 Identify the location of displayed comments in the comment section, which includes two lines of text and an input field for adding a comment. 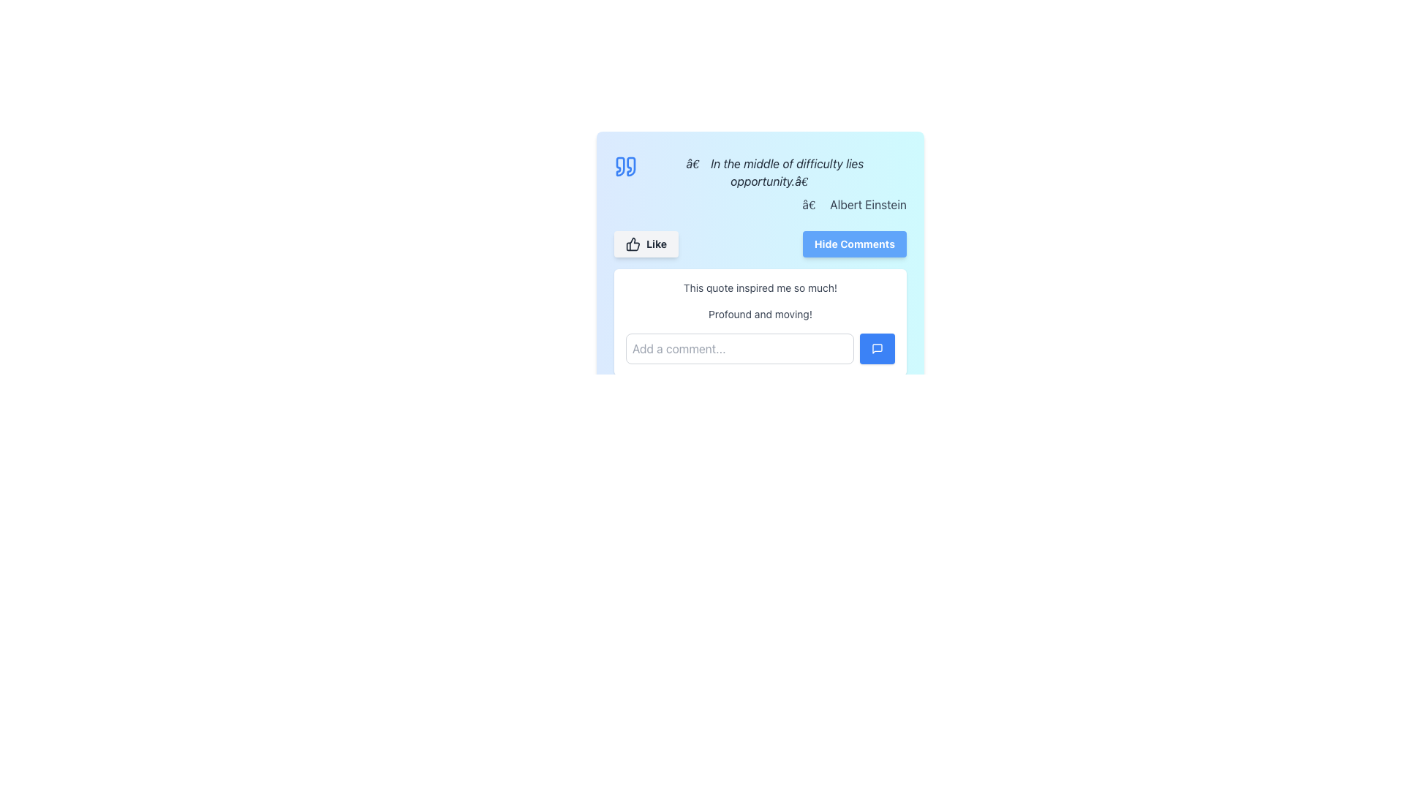
(760, 321).